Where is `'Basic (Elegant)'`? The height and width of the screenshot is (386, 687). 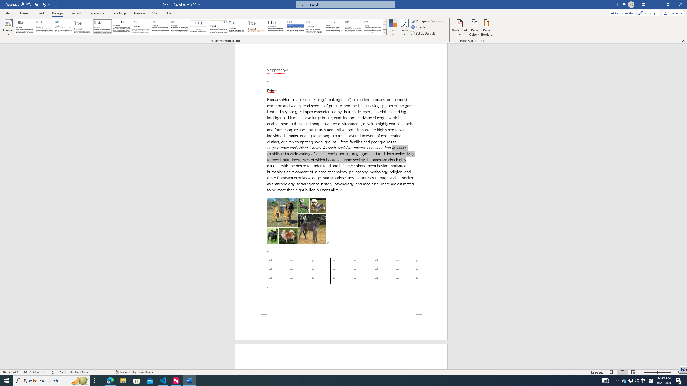 'Basic (Elegant)' is located at coordinates (44, 27).